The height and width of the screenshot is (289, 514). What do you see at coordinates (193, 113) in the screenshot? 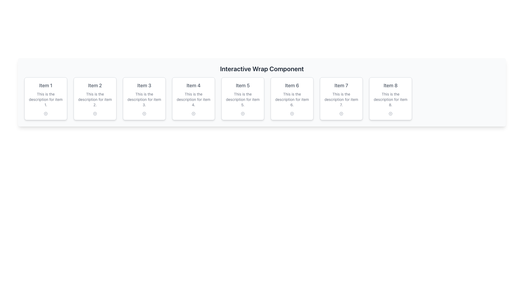
I see `the interactive add IconButton located within the 'Item 4' card at the bottom-right side of the card, just below the descriptive text, to initiate an action` at bounding box center [193, 113].